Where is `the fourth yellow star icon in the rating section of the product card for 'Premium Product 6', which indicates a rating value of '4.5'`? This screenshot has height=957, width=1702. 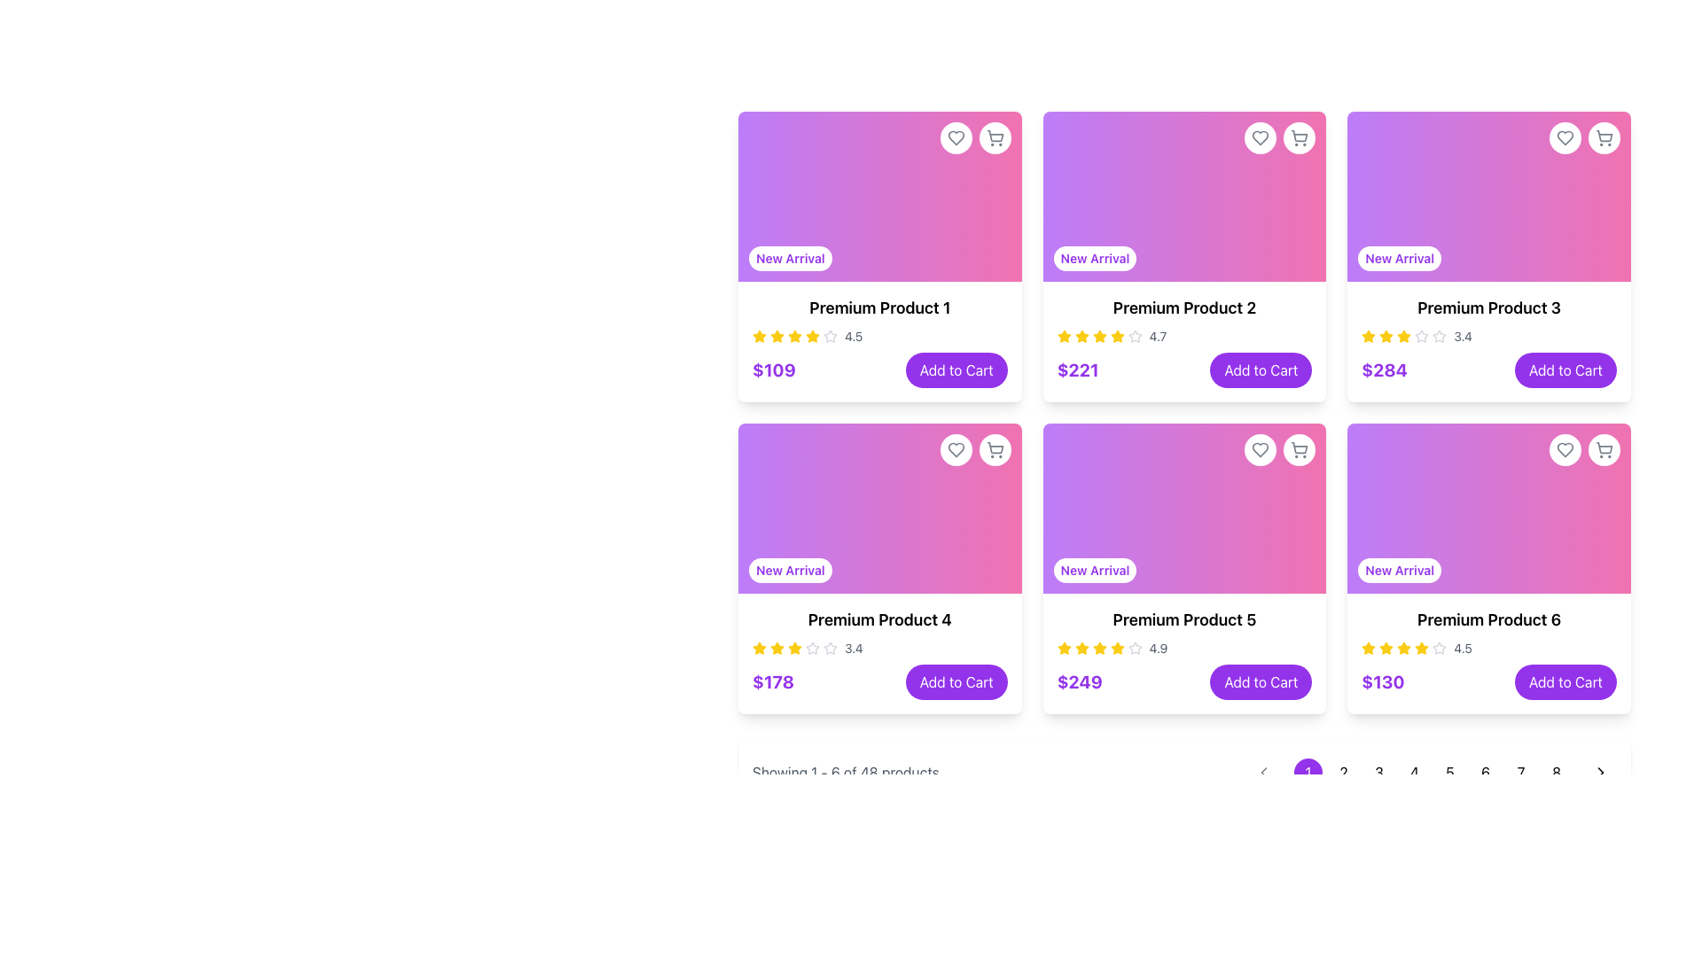
the fourth yellow star icon in the rating section of the product card for 'Premium Product 6', which indicates a rating value of '4.5' is located at coordinates (1403, 649).